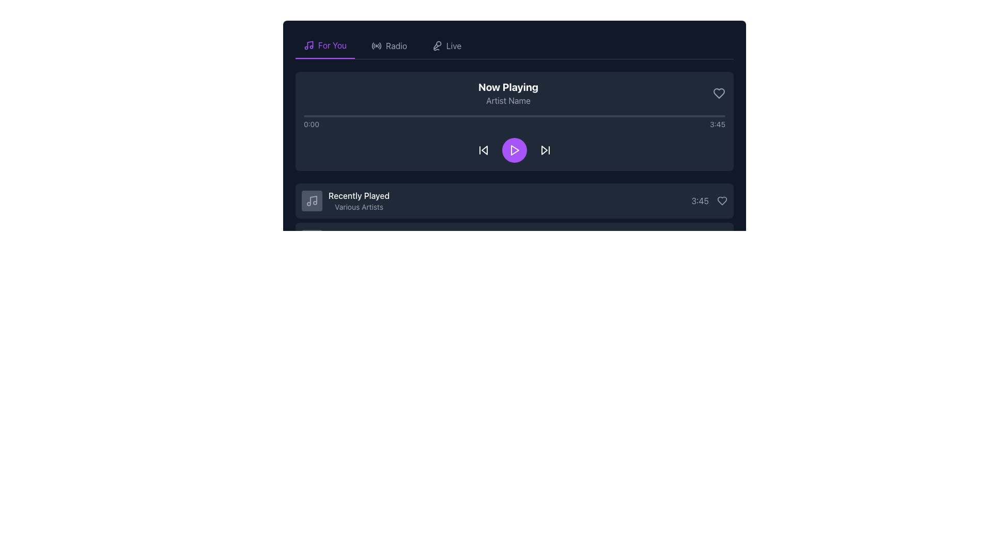  What do you see at coordinates (312, 201) in the screenshot?
I see `the graphical icon representing a music track or playlist located in the 'Recently Played' section beside the text 'Recently Played' and 'Various Artists' for further interaction` at bounding box center [312, 201].